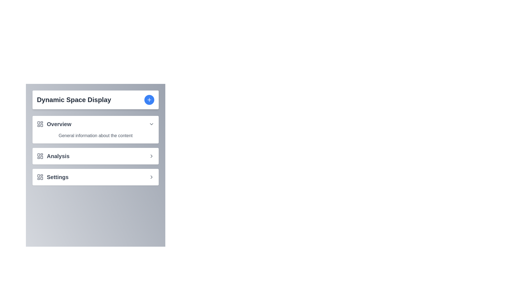  I want to click on the top-left rounded-corner rectangle decorative element of the icon group associated with the 'Overview' section of the user interface, so click(38, 123).